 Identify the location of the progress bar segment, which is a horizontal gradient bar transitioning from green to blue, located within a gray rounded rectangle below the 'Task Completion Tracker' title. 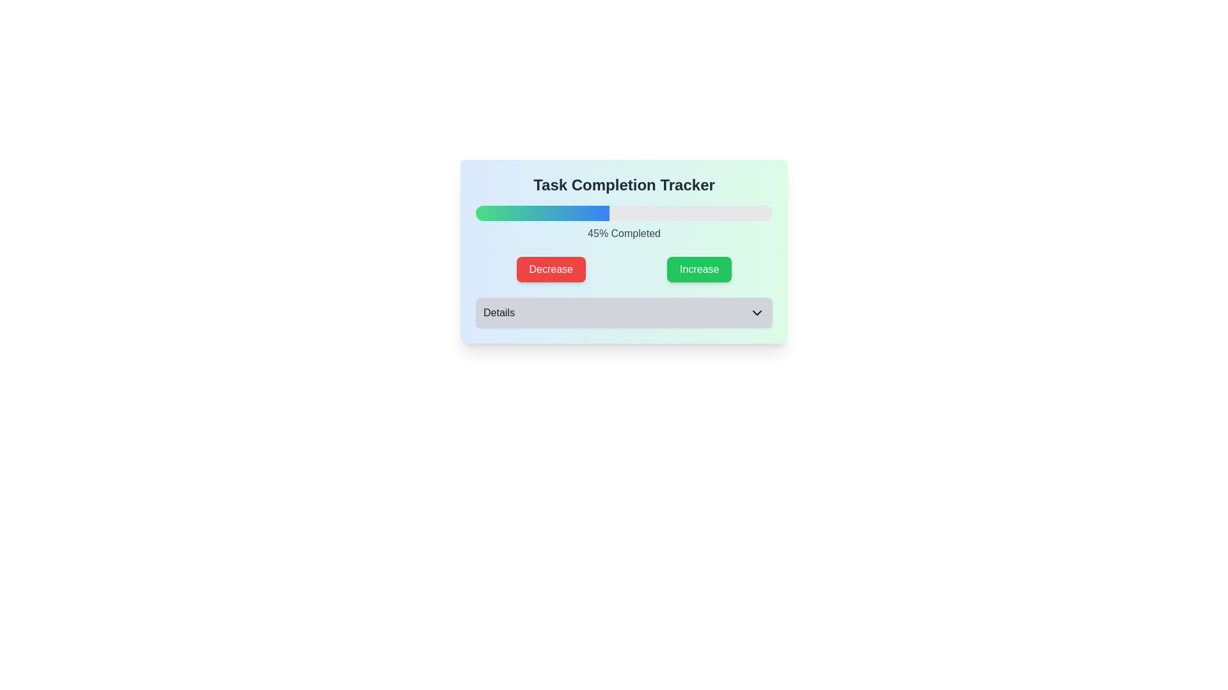
(542, 213).